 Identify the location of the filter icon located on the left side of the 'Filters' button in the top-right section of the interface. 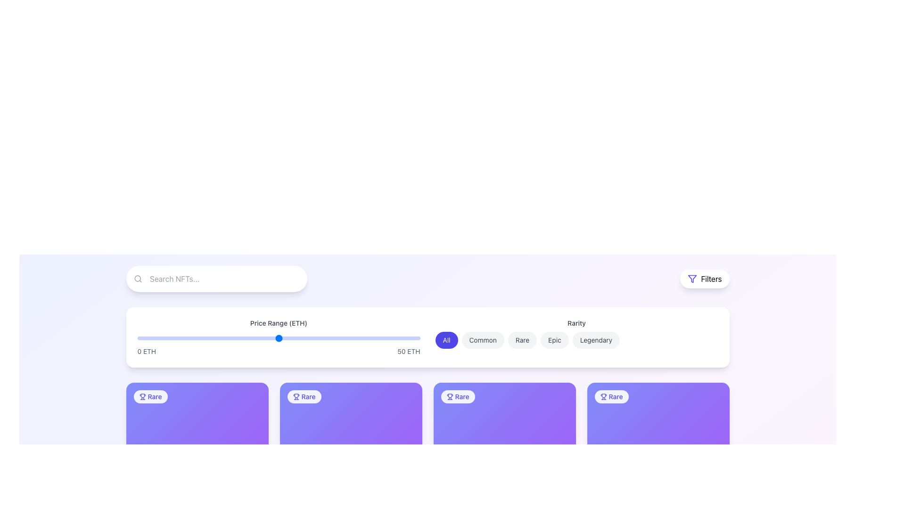
(692, 278).